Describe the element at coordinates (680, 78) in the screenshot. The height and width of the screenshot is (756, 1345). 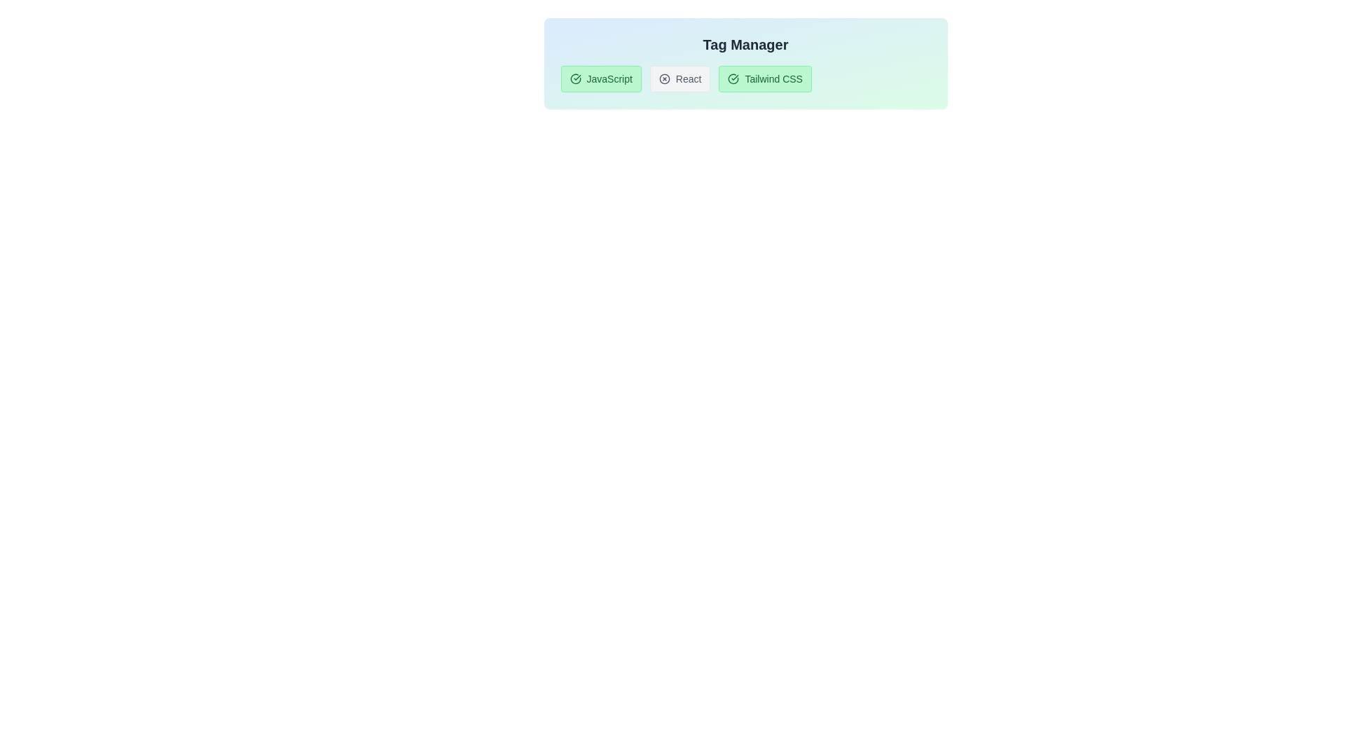
I see `the tag labeled React to toggle its active state` at that location.